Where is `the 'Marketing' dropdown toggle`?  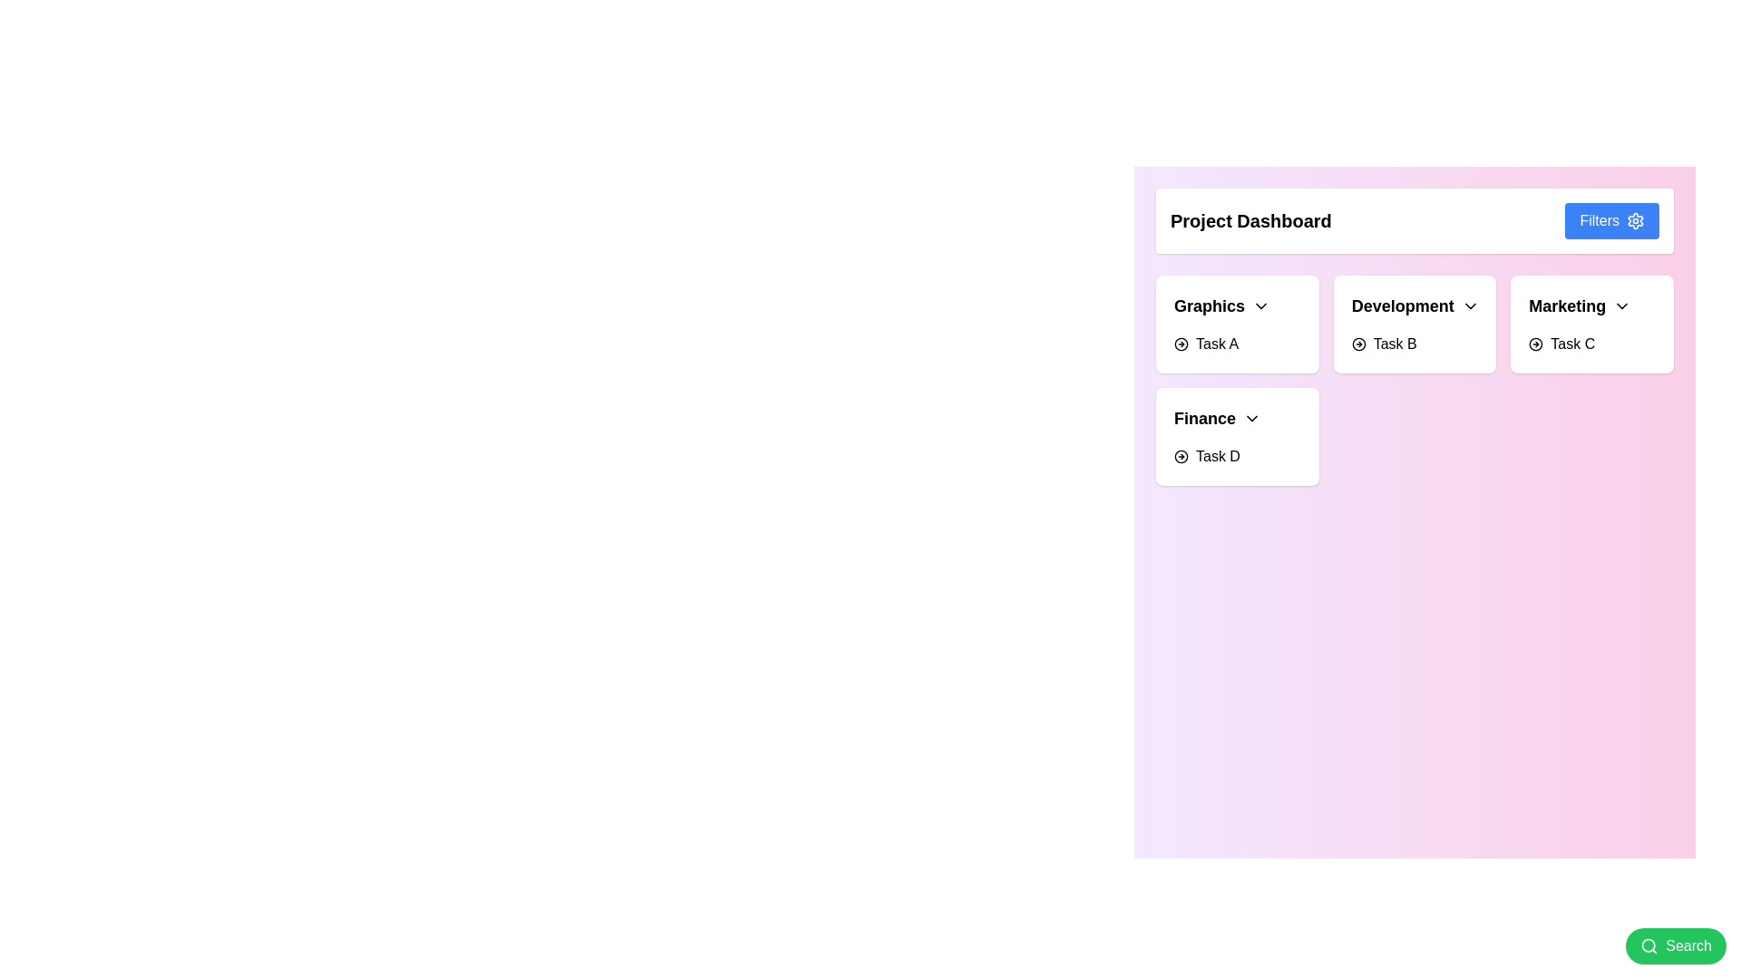 the 'Marketing' dropdown toggle is located at coordinates (1579, 305).